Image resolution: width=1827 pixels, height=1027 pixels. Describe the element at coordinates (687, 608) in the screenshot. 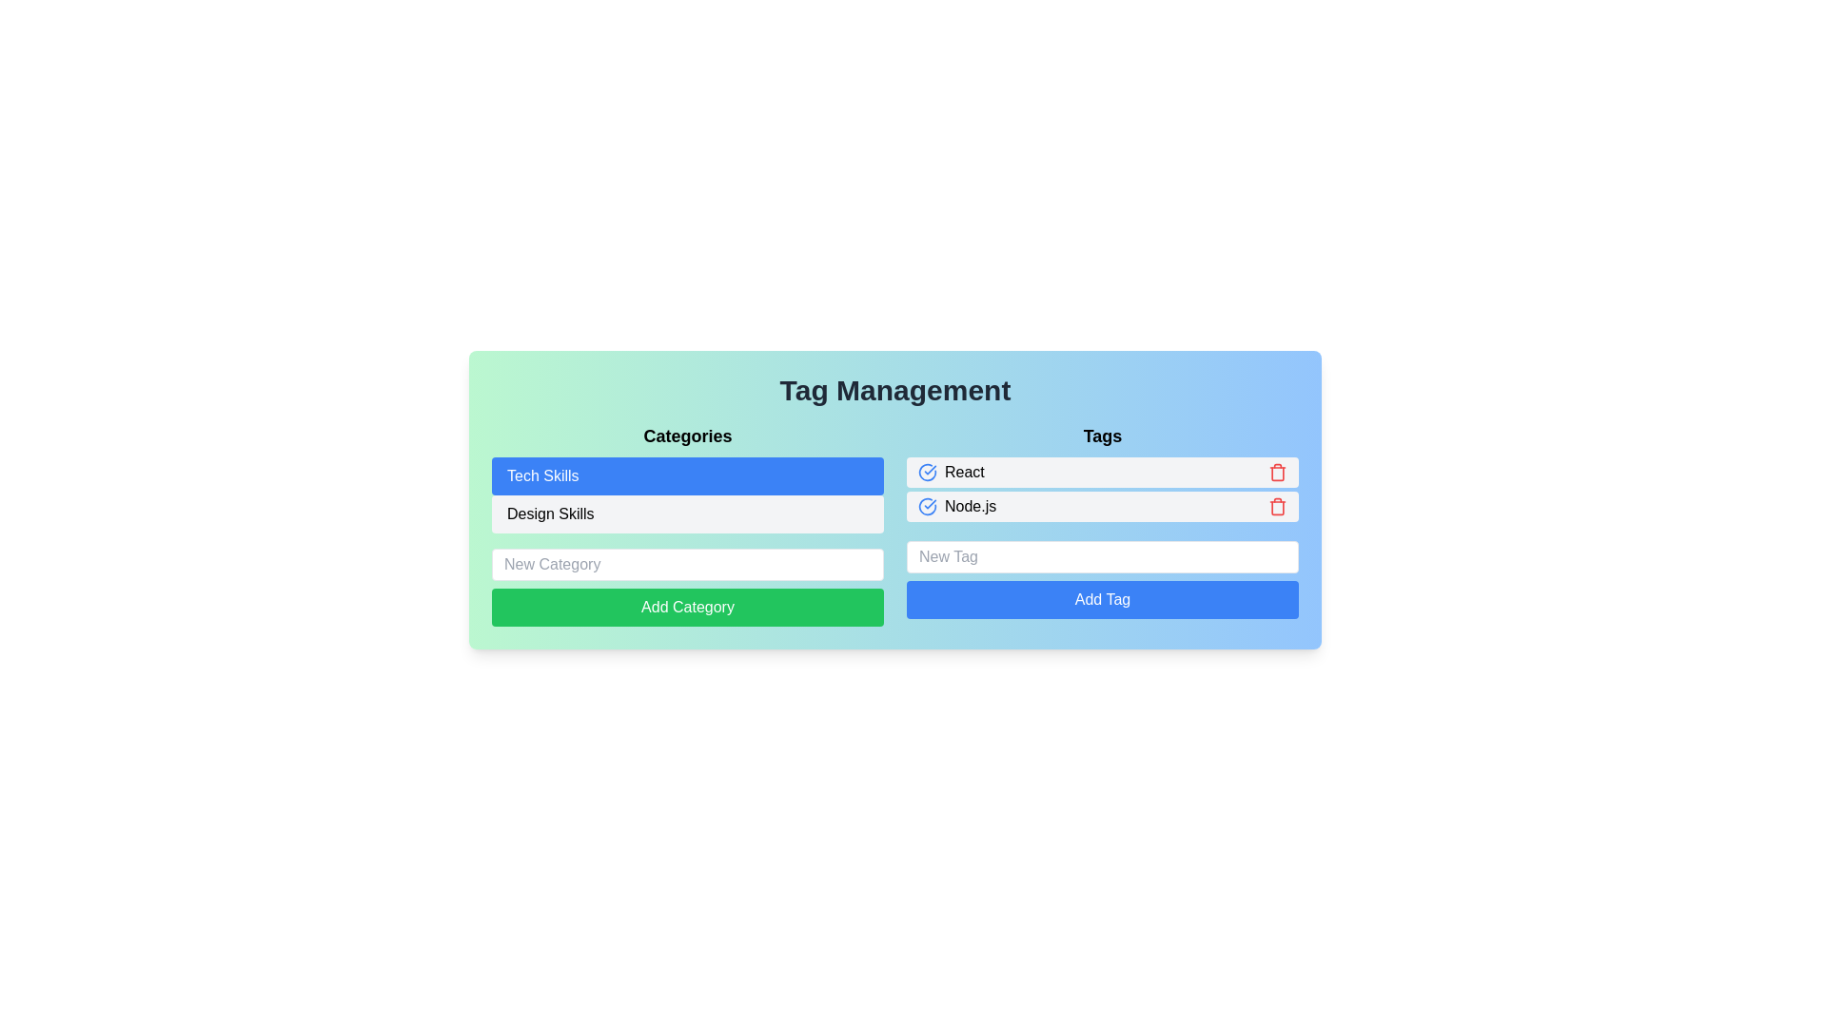

I see `the rectangular button with a green background and white text that reads 'Add Category' located at the bottom of the 'Categories' section` at that location.